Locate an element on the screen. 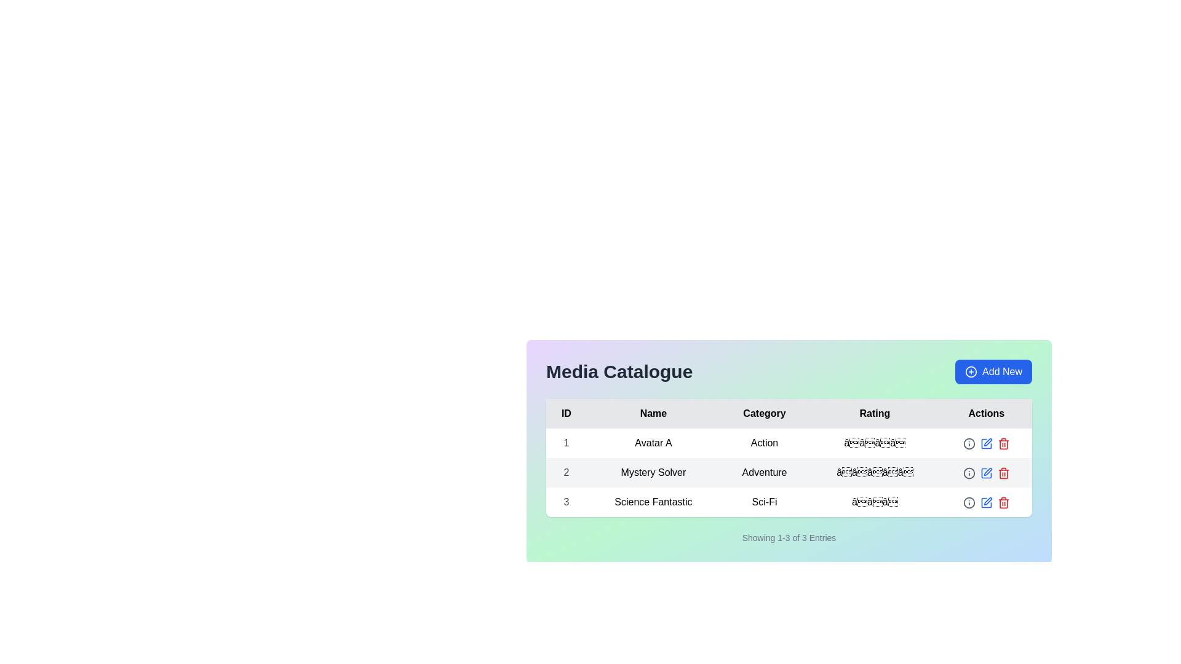 This screenshot has height=664, width=1181. the interactive pencil icon in blue within the 'Actions' column of the table row for 'Mystery Solver' is located at coordinates (986, 472).